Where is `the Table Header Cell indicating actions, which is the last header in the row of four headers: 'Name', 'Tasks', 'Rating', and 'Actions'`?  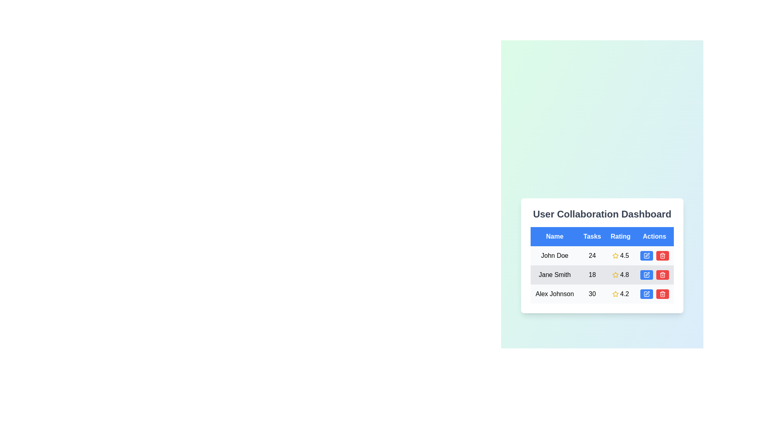 the Table Header Cell indicating actions, which is the last header in the row of four headers: 'Name', 'Tasks', 'Rating', and 'Actions' is located at coordinates (654, 236).